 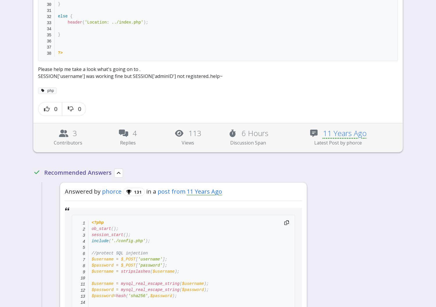 I want to click on 'If this thread is solved, please mark it as solve. And give respect to those who you think helped you.', so click(x=172, y=26).